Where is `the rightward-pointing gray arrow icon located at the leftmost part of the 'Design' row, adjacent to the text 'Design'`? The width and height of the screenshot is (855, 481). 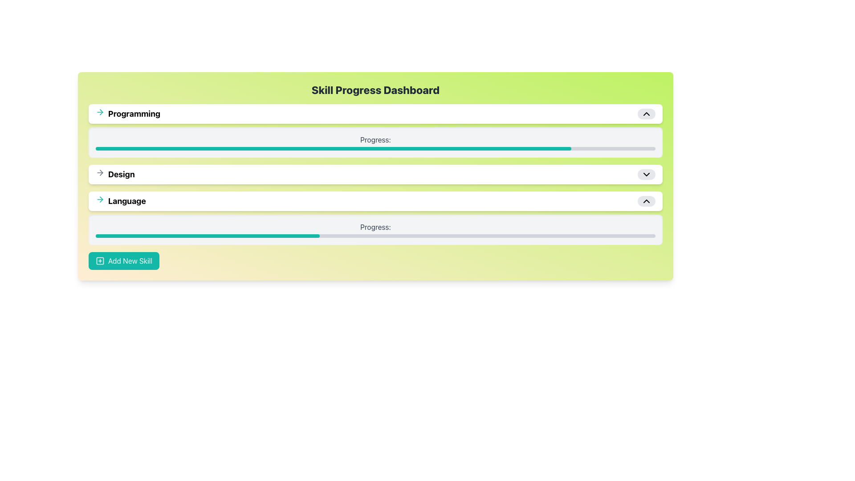
the rightward-pointing gray arrow icon located at the leftmost part of the 'Design' row, adjacent to the text 'Design' is located at coordinates (100, 173).